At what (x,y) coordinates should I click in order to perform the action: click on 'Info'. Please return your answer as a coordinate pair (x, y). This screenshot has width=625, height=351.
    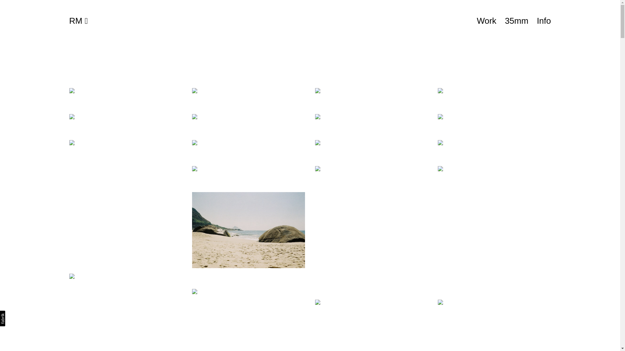
    Looking at the image, I should click on (544, 20).